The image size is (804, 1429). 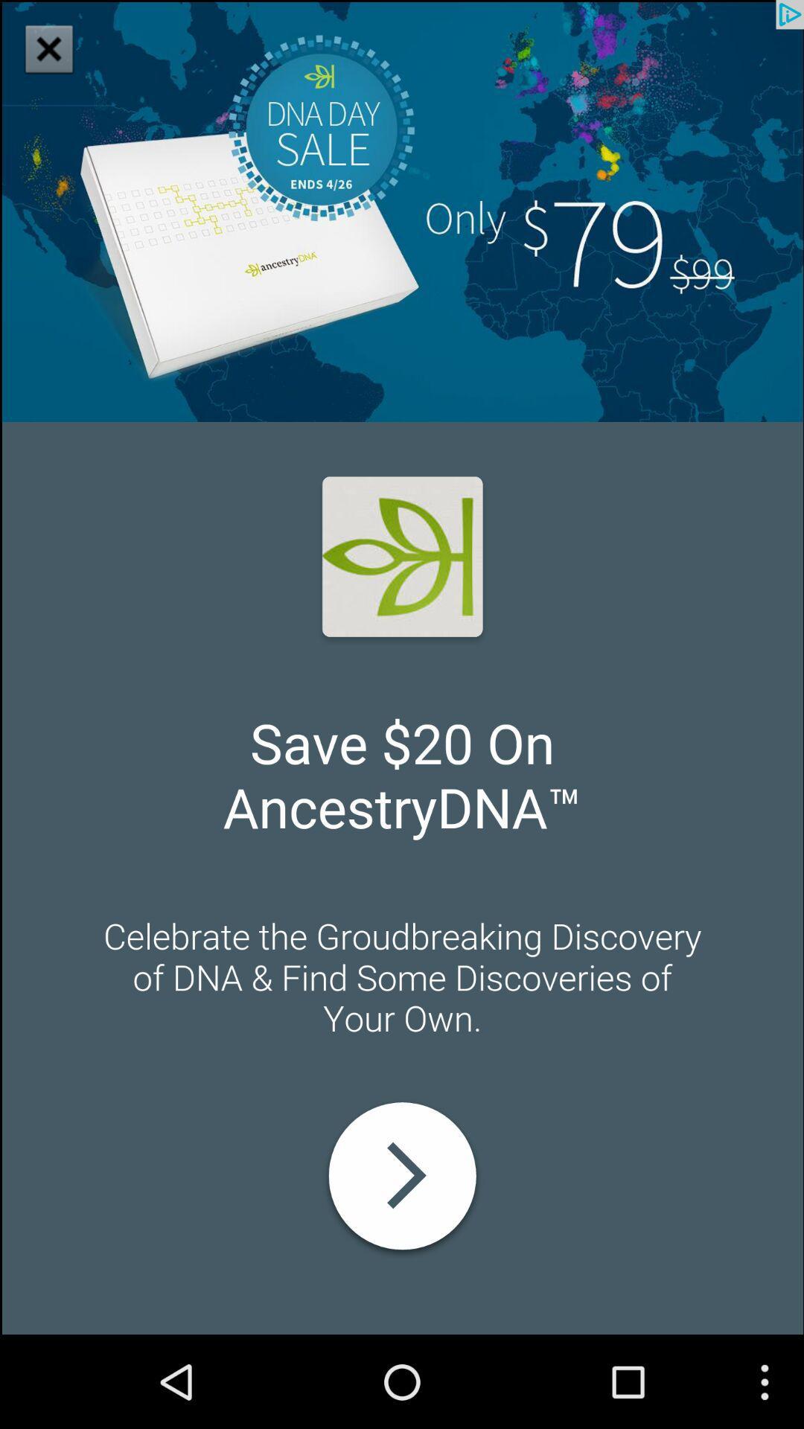 What do you see at coordinates (48, 52) in the screenshot?
I see `the close icon` at bounding box center [48, 52].